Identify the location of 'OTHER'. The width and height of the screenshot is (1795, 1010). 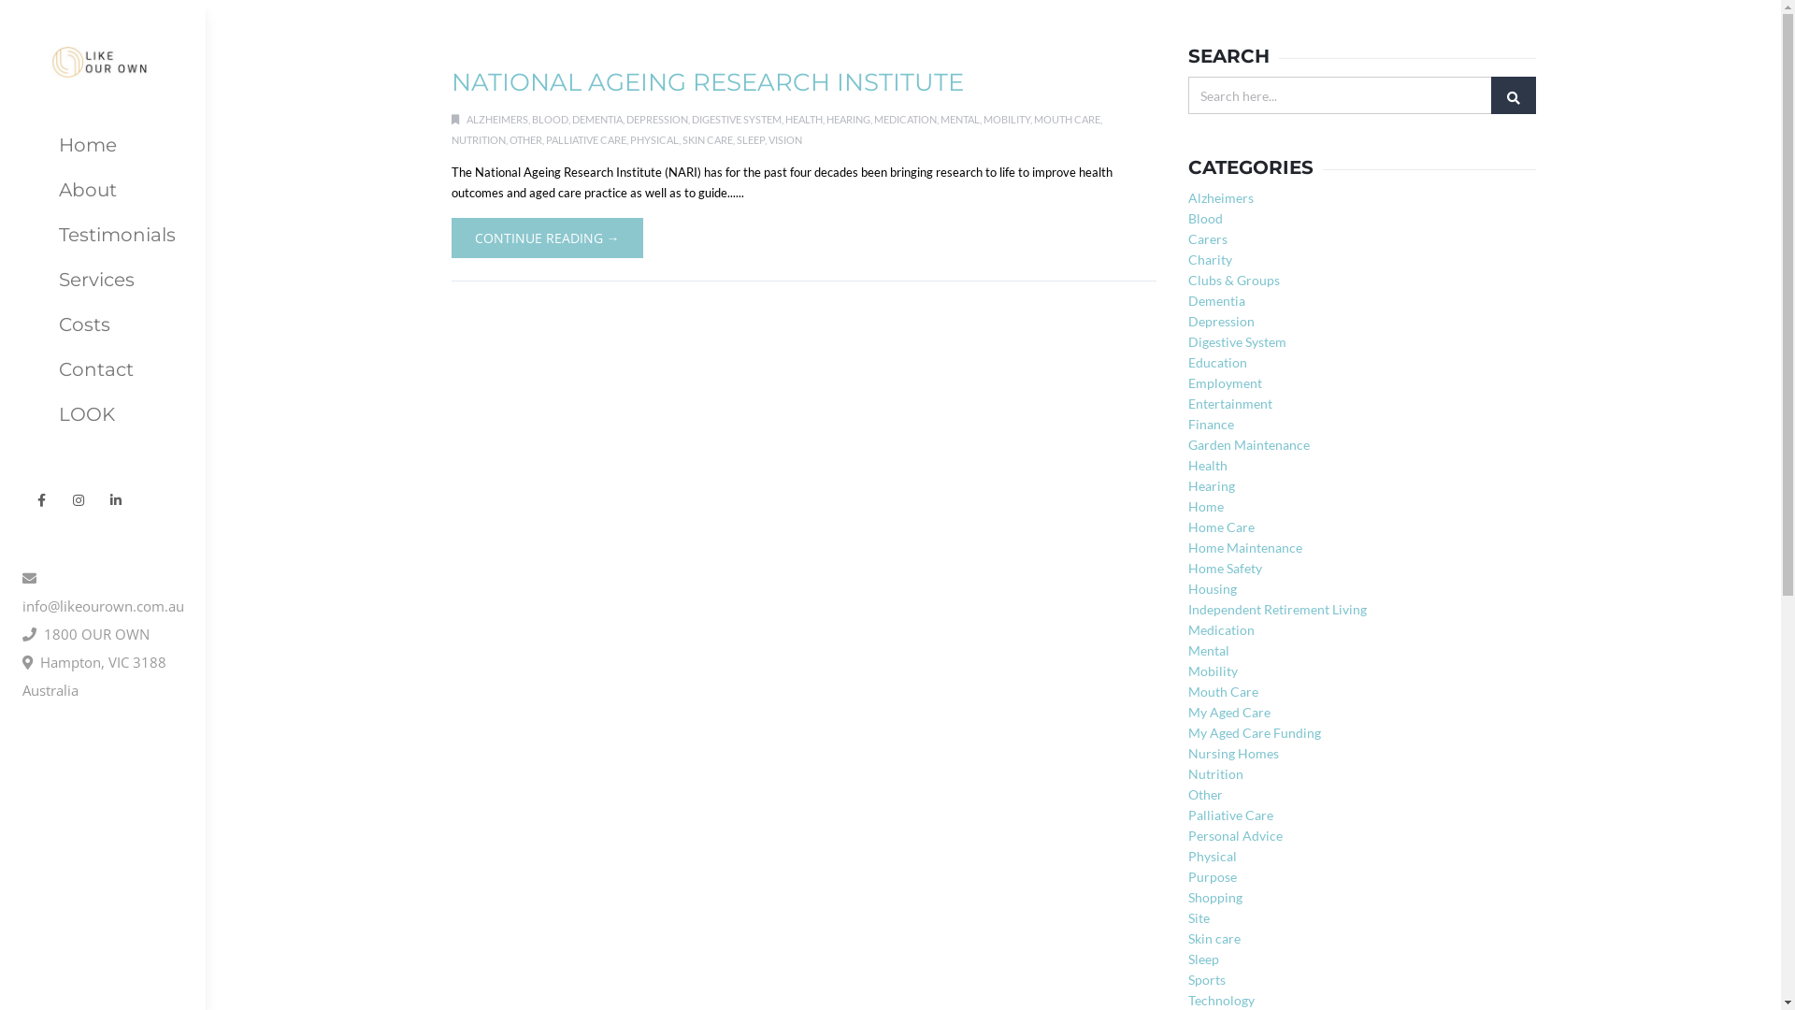
(524, 137).